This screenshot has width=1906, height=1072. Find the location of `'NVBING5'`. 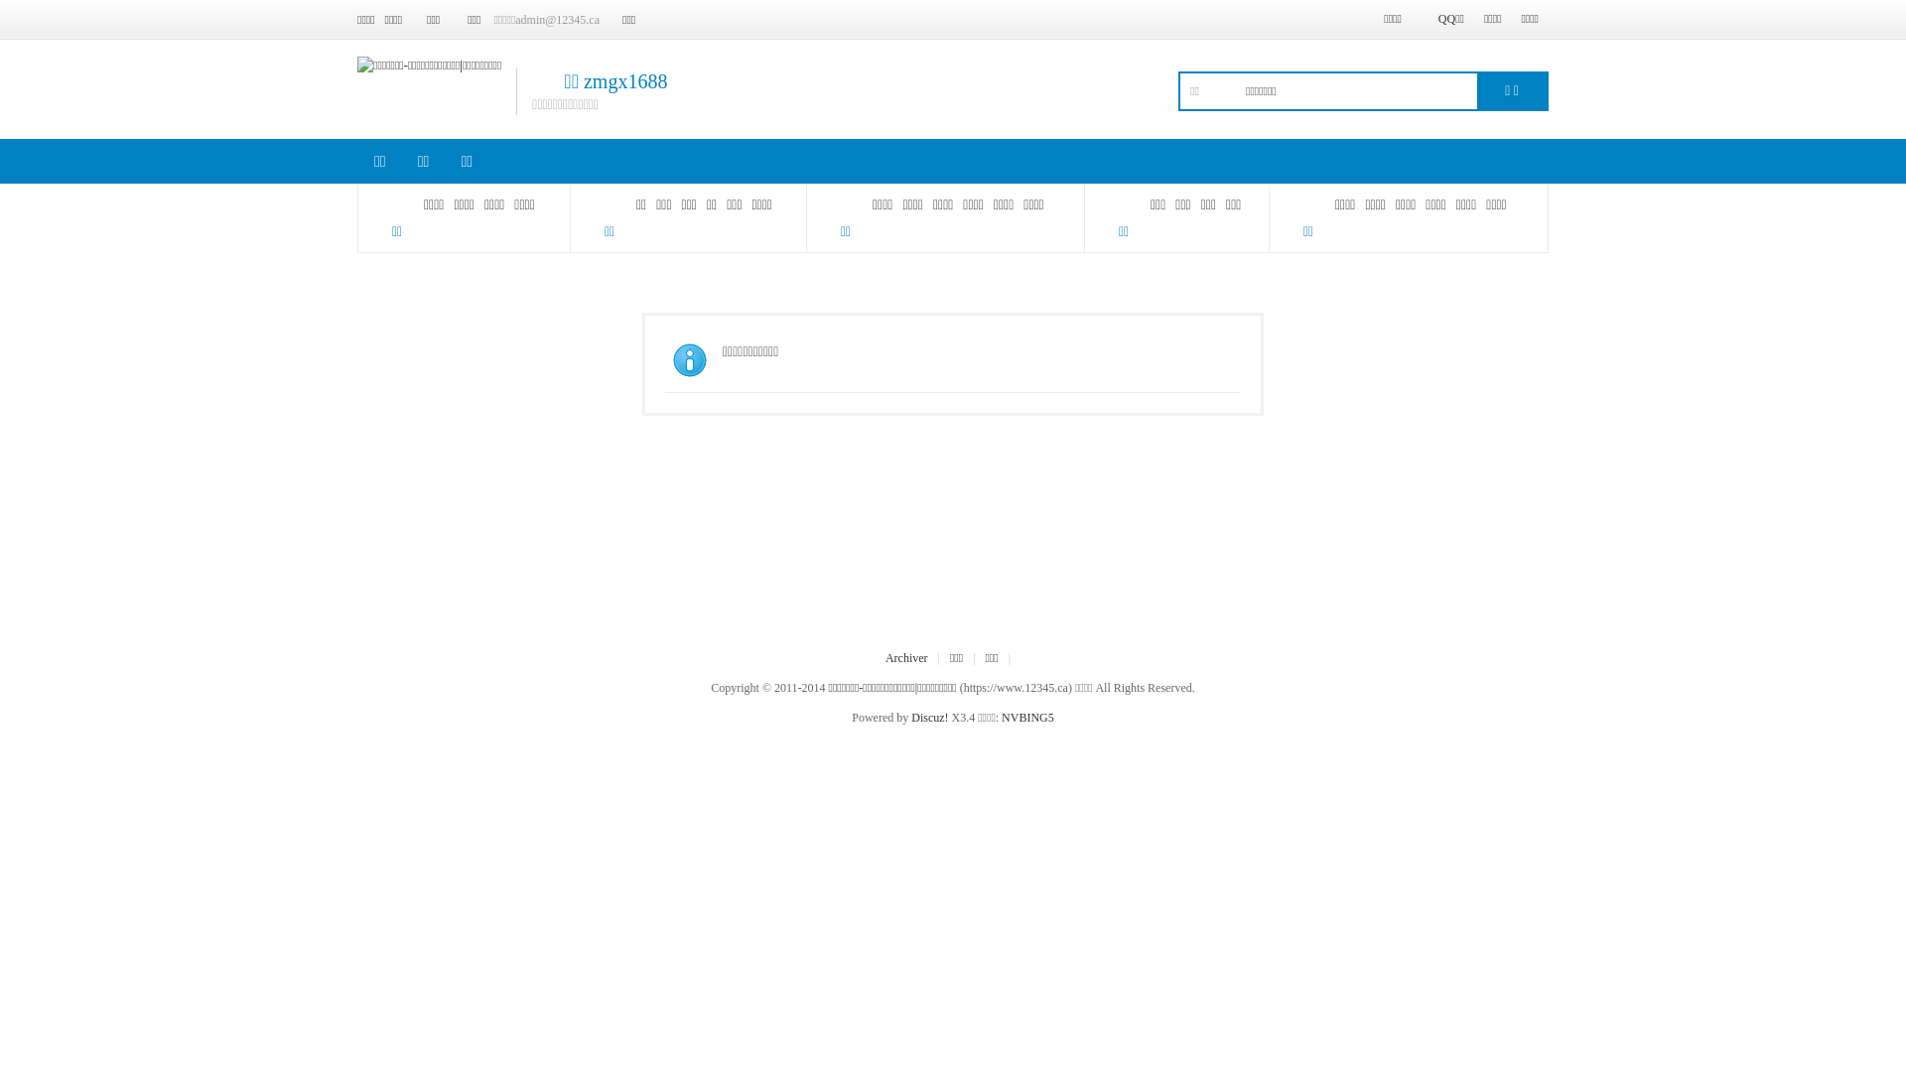

'NVBING5' is located at coordinates (1027, 717).